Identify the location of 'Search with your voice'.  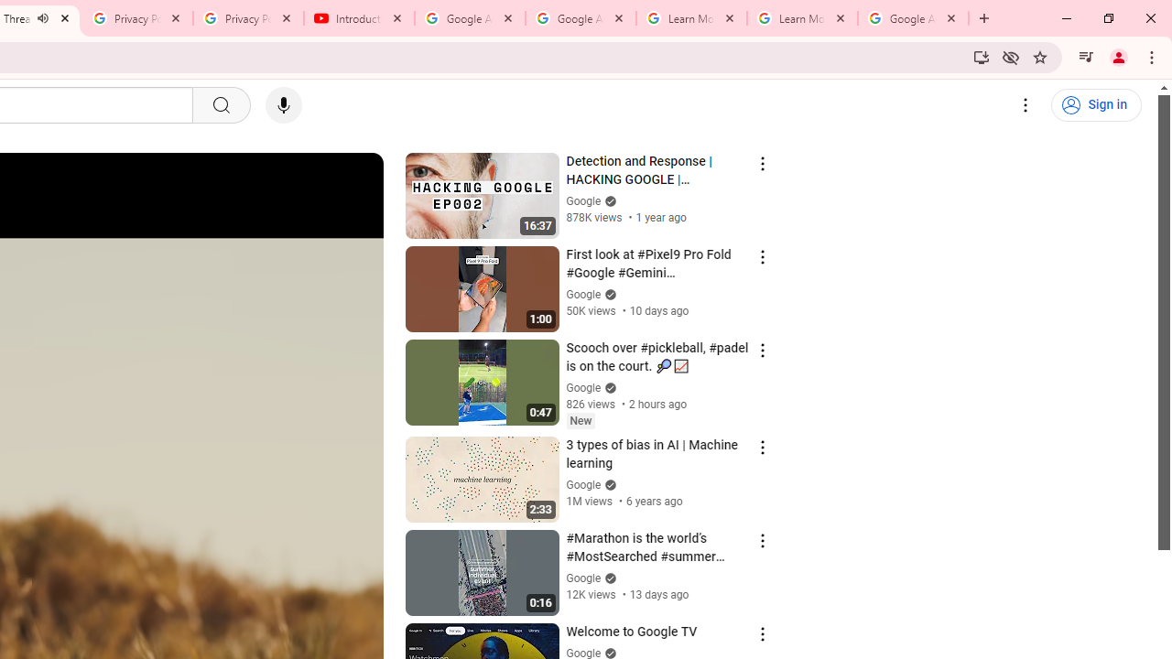
(282, 105).